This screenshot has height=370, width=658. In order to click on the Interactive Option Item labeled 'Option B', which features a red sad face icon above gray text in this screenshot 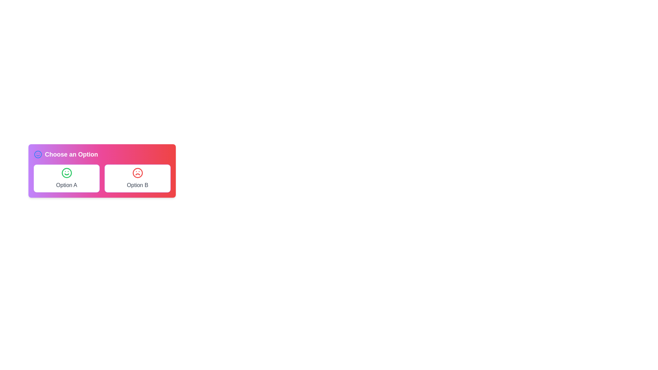, I will do `click(137, 178)`.